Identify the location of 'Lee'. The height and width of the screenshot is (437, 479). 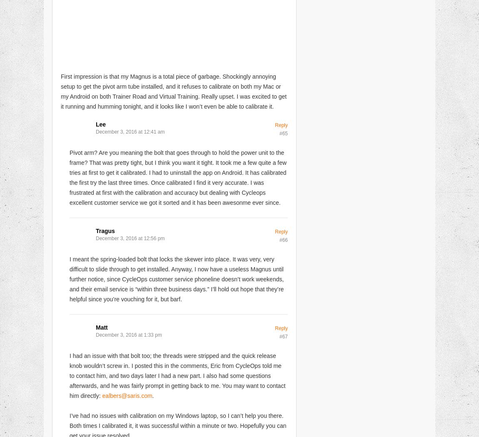
(100, 123).